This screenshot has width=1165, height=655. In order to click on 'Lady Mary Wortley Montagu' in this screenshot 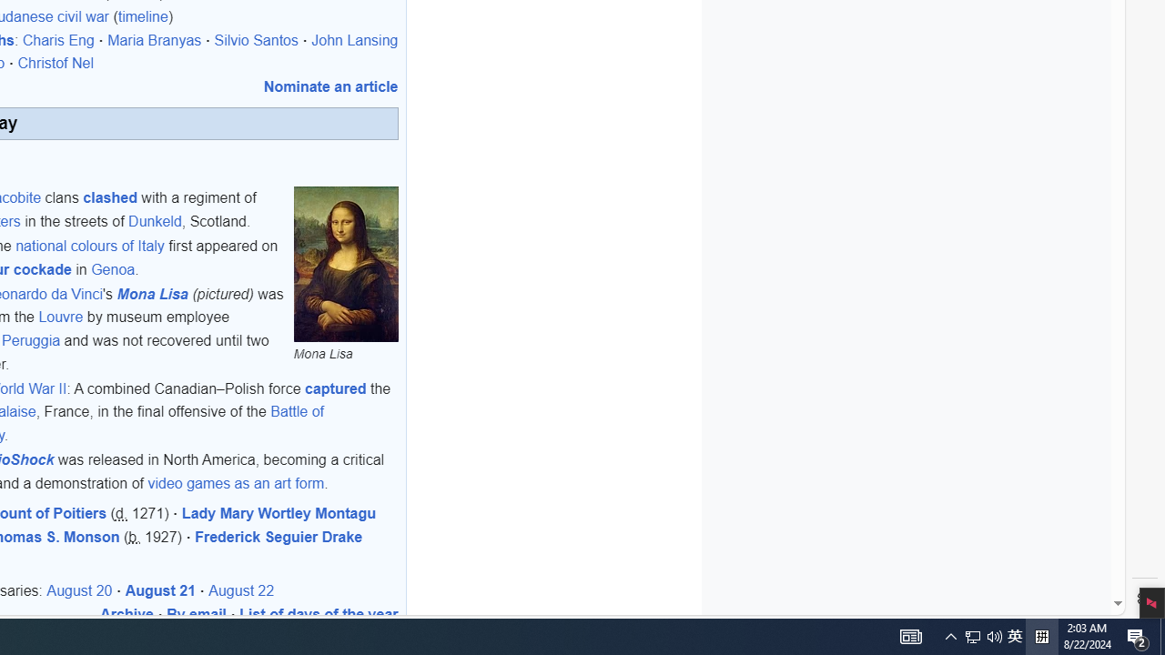, I will do `click(277, 513)`.